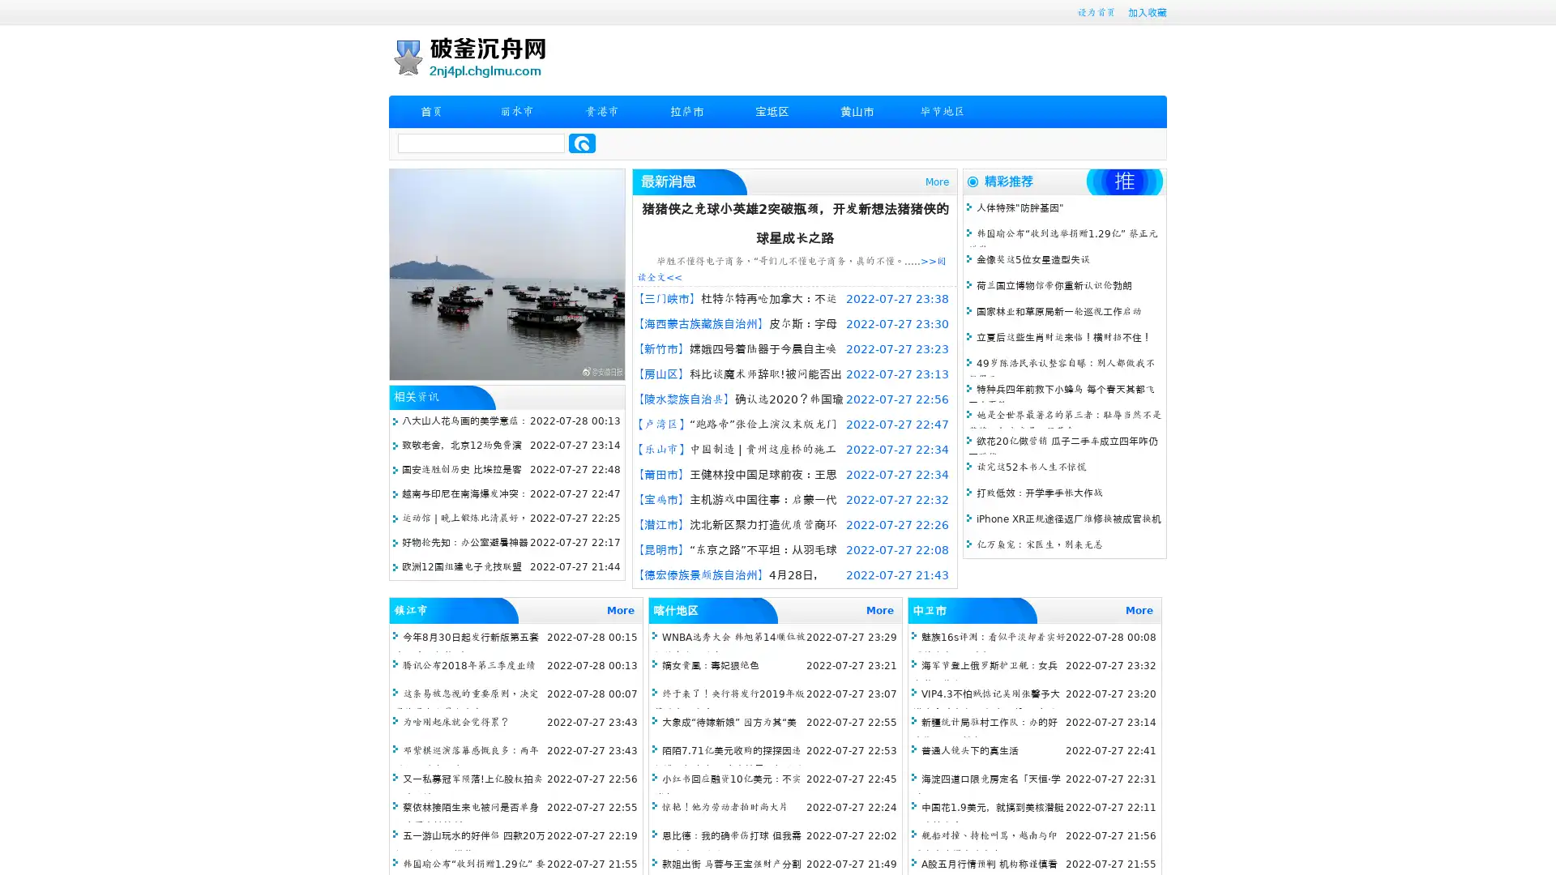 This screenshot has height=875, width=1556. Describe the element at coordinates (582, 143) in the screenshot. I see `Search` at that location.